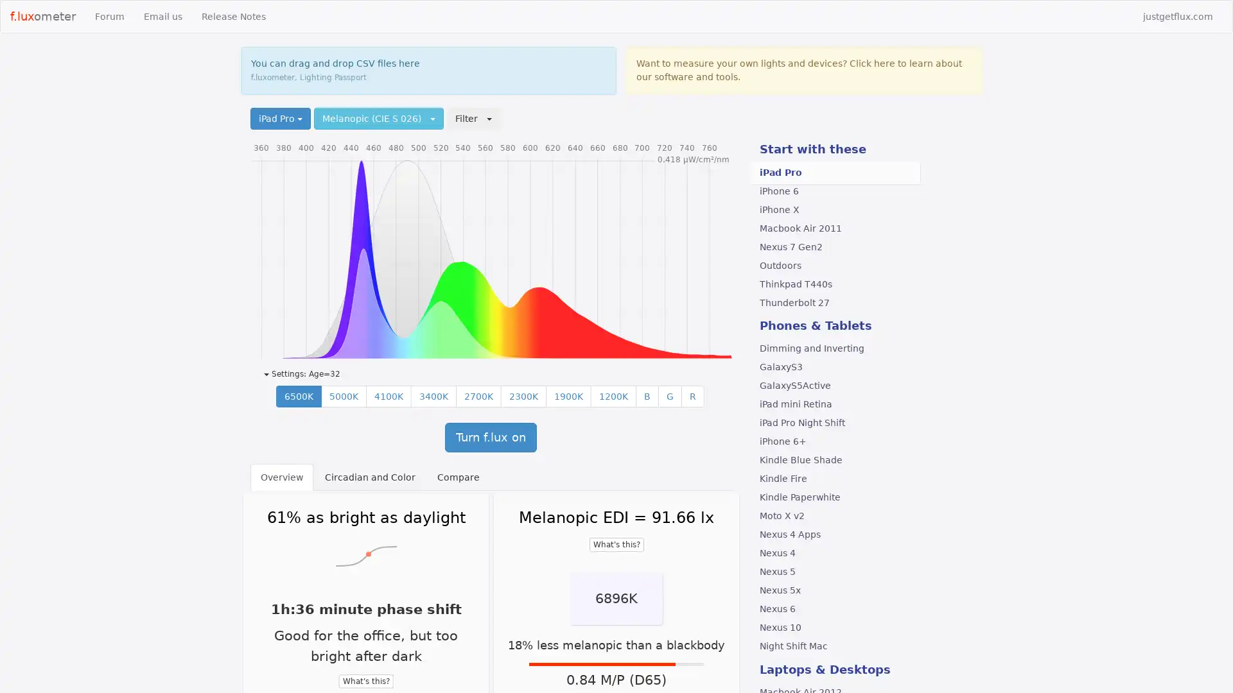  What do you see at coordinates (378, 119) in the screenshot?
I see `Melanopic (CIE S 026)` at bounding box center [378, 119].